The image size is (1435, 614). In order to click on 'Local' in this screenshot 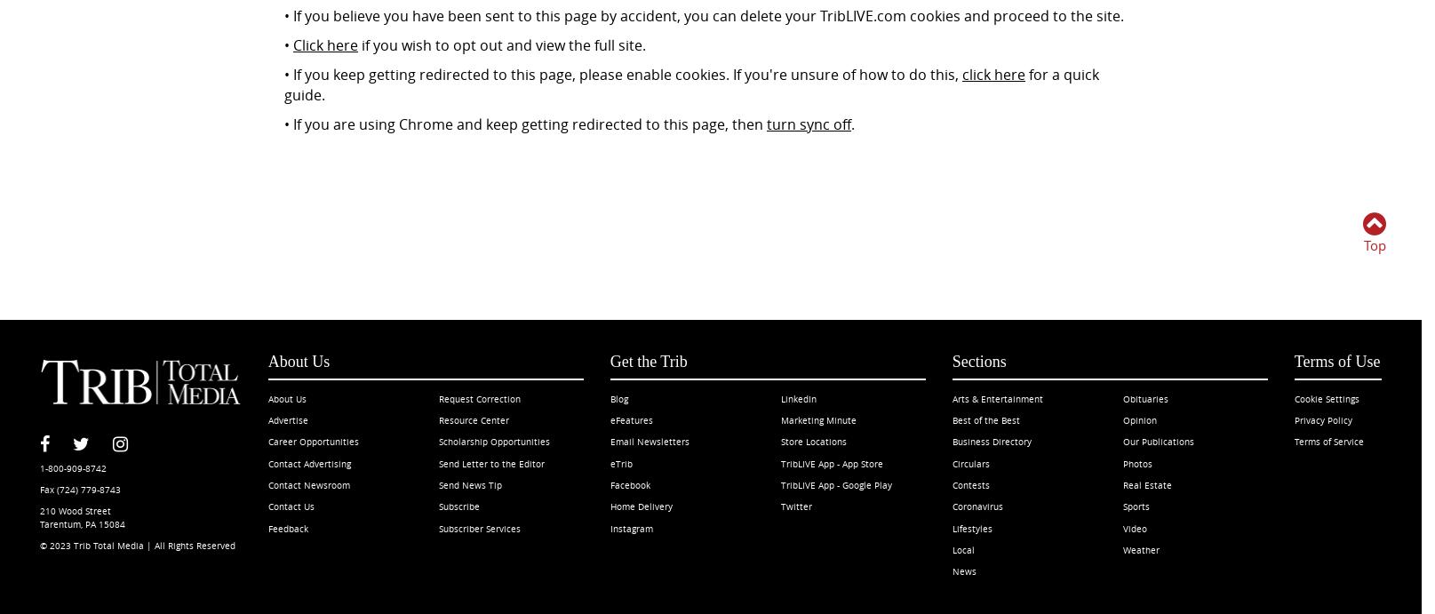, I will do `click(962, 549)`.